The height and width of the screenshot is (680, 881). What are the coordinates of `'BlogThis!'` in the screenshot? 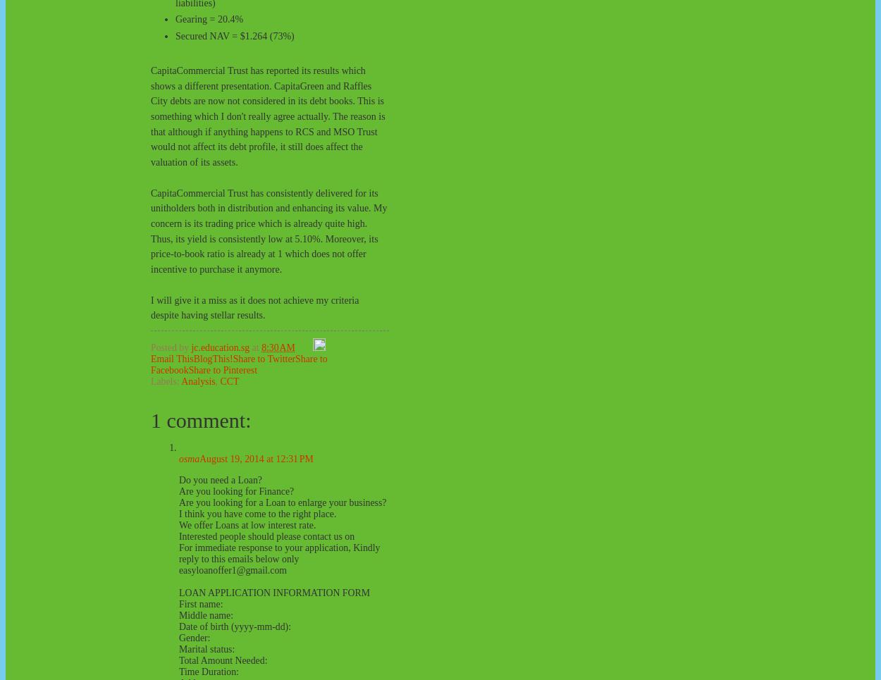 It's located at (193, 359).